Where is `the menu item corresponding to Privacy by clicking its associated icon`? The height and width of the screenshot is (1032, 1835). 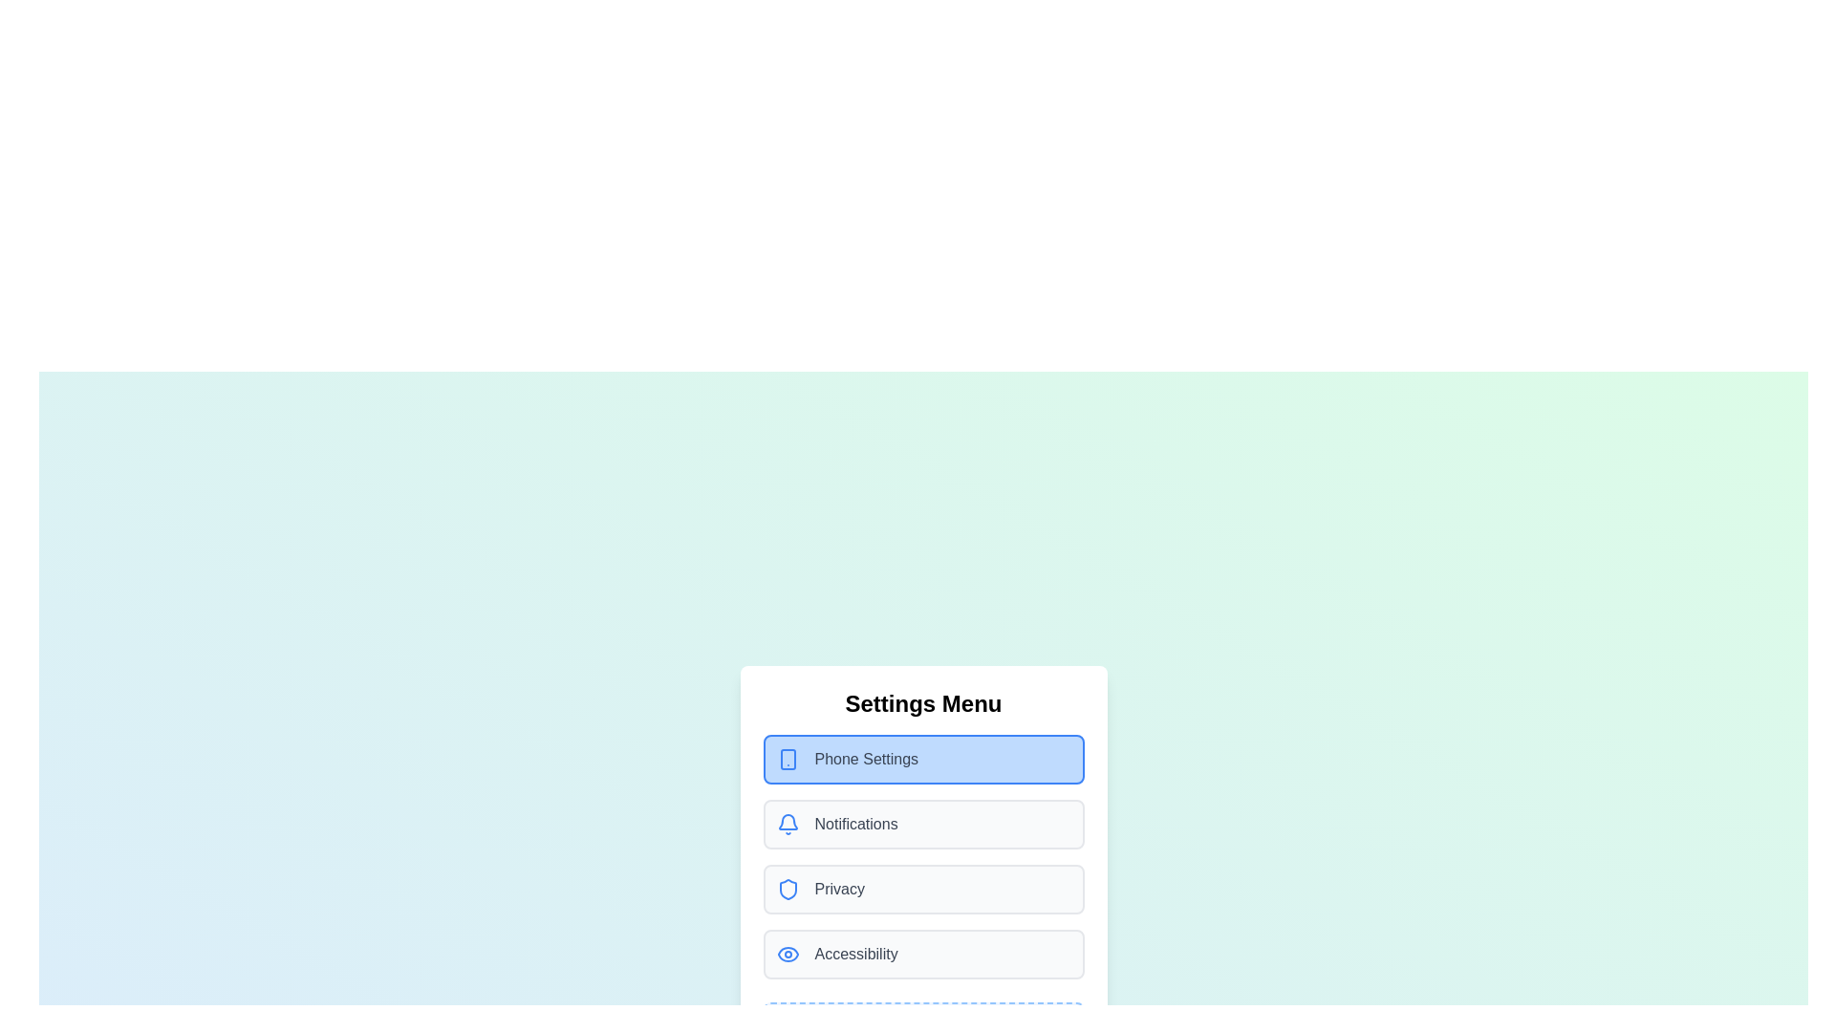
the menu item corresponding to Privacy by clicking its associated icon is located at coordinates (788, 889).